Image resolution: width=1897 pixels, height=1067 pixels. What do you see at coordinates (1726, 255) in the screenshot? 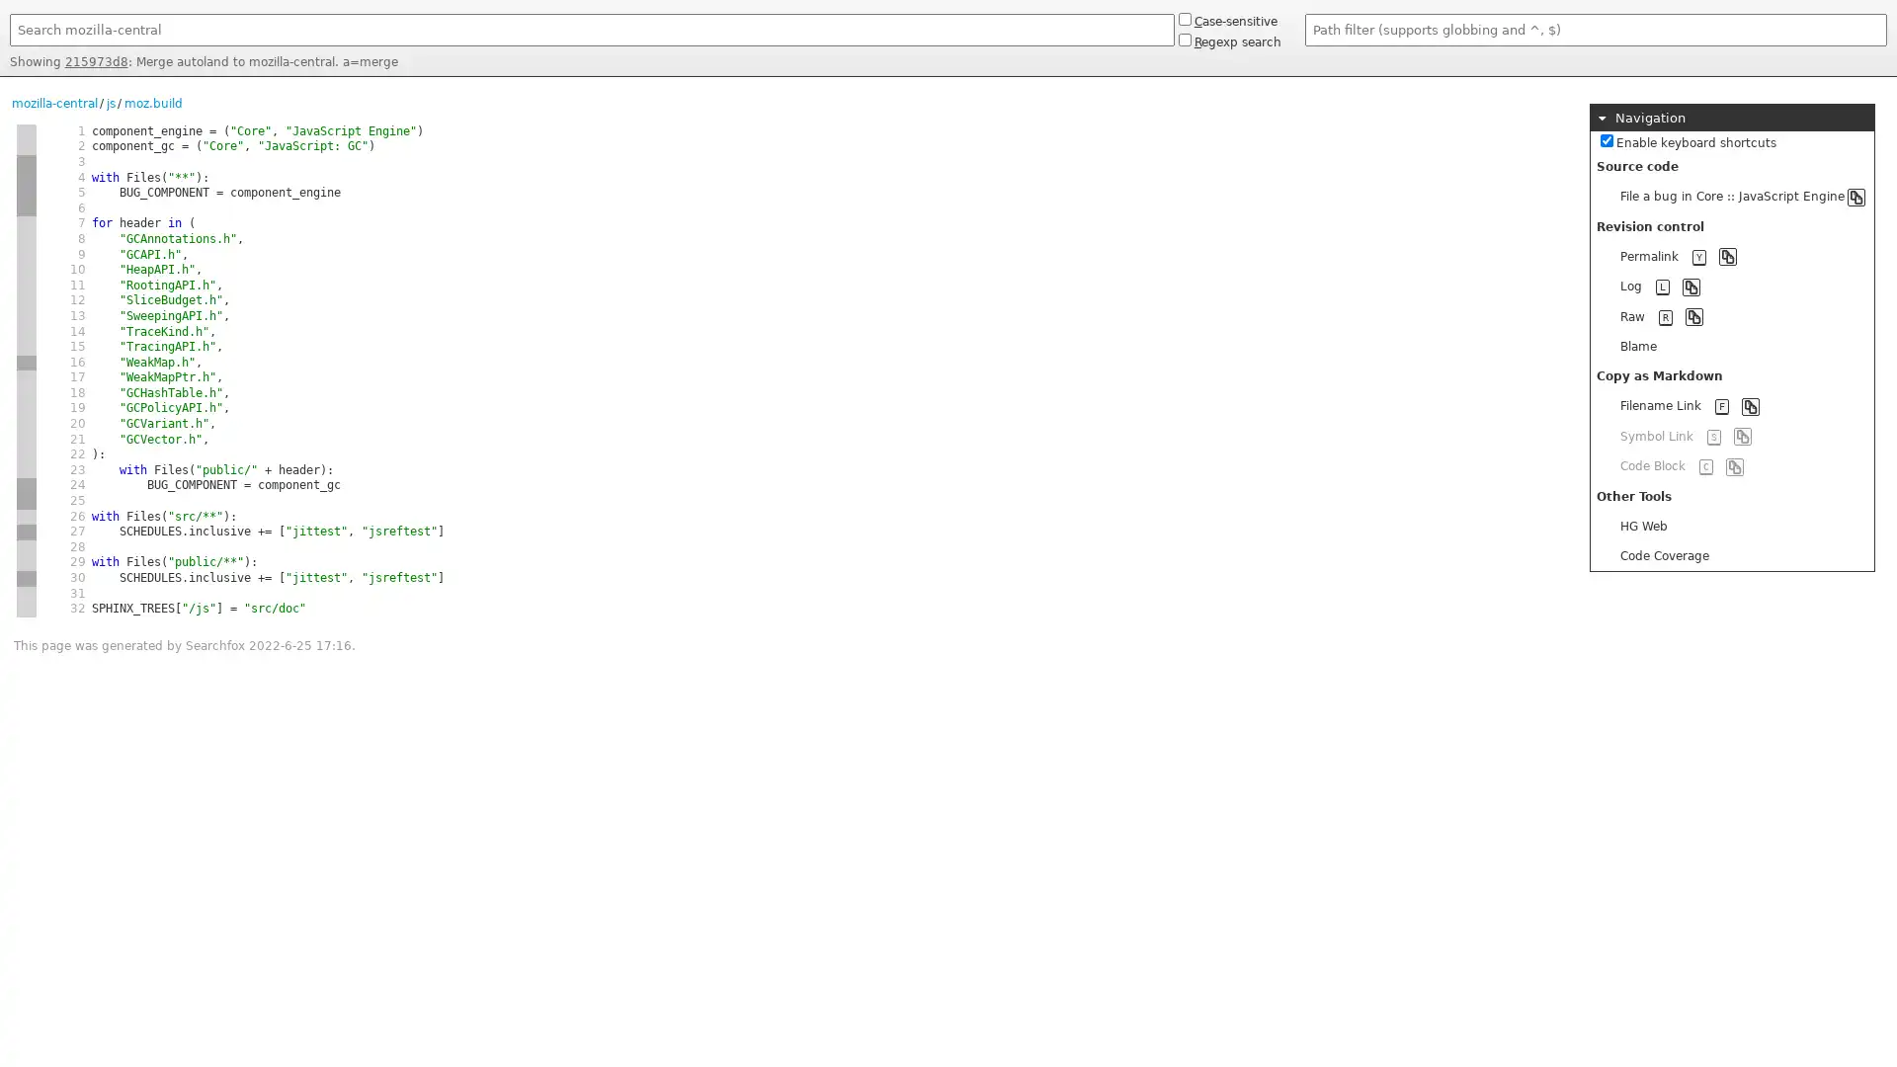
I see `Copy to clipboard` at bounding box center [1726, 255].